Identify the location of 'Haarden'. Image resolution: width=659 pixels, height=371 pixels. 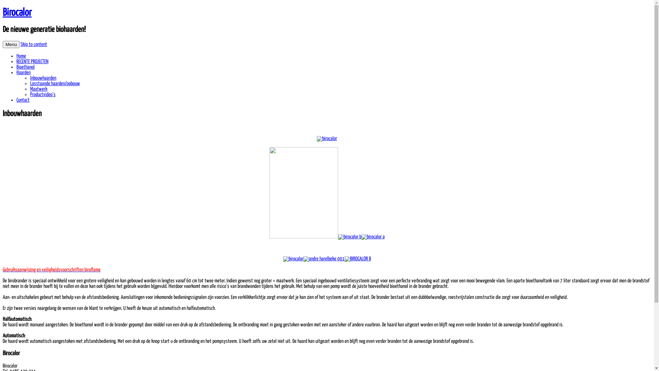
(23, 72).